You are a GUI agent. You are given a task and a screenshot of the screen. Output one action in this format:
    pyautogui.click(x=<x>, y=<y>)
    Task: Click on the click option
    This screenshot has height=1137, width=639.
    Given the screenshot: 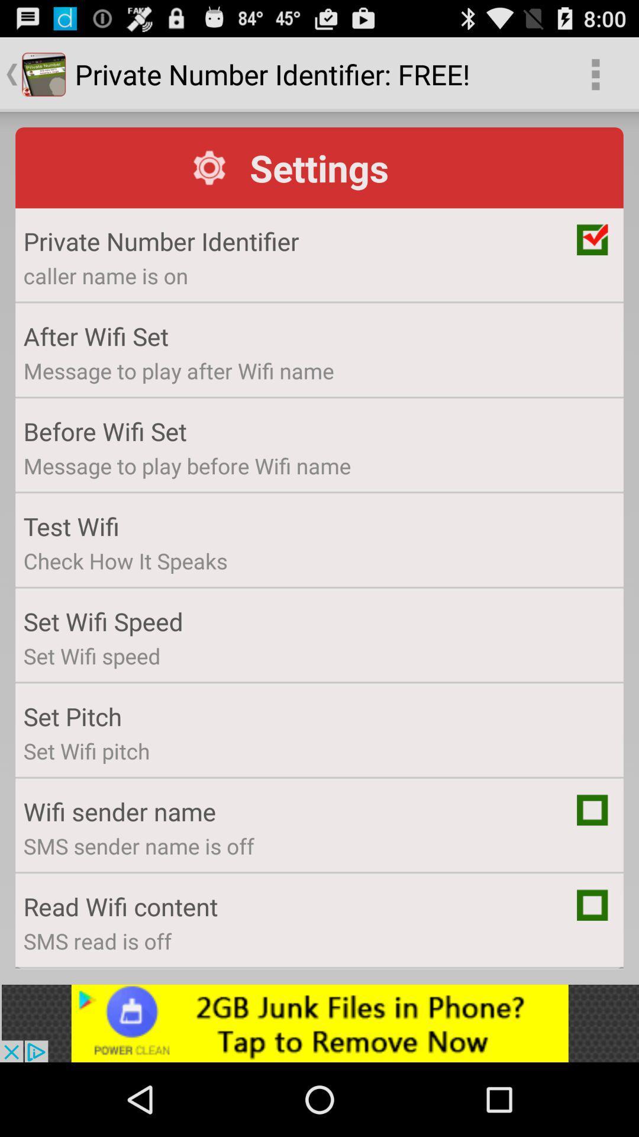 What is the action you would take?
    pyautogui.click(x=592, y=810)
    